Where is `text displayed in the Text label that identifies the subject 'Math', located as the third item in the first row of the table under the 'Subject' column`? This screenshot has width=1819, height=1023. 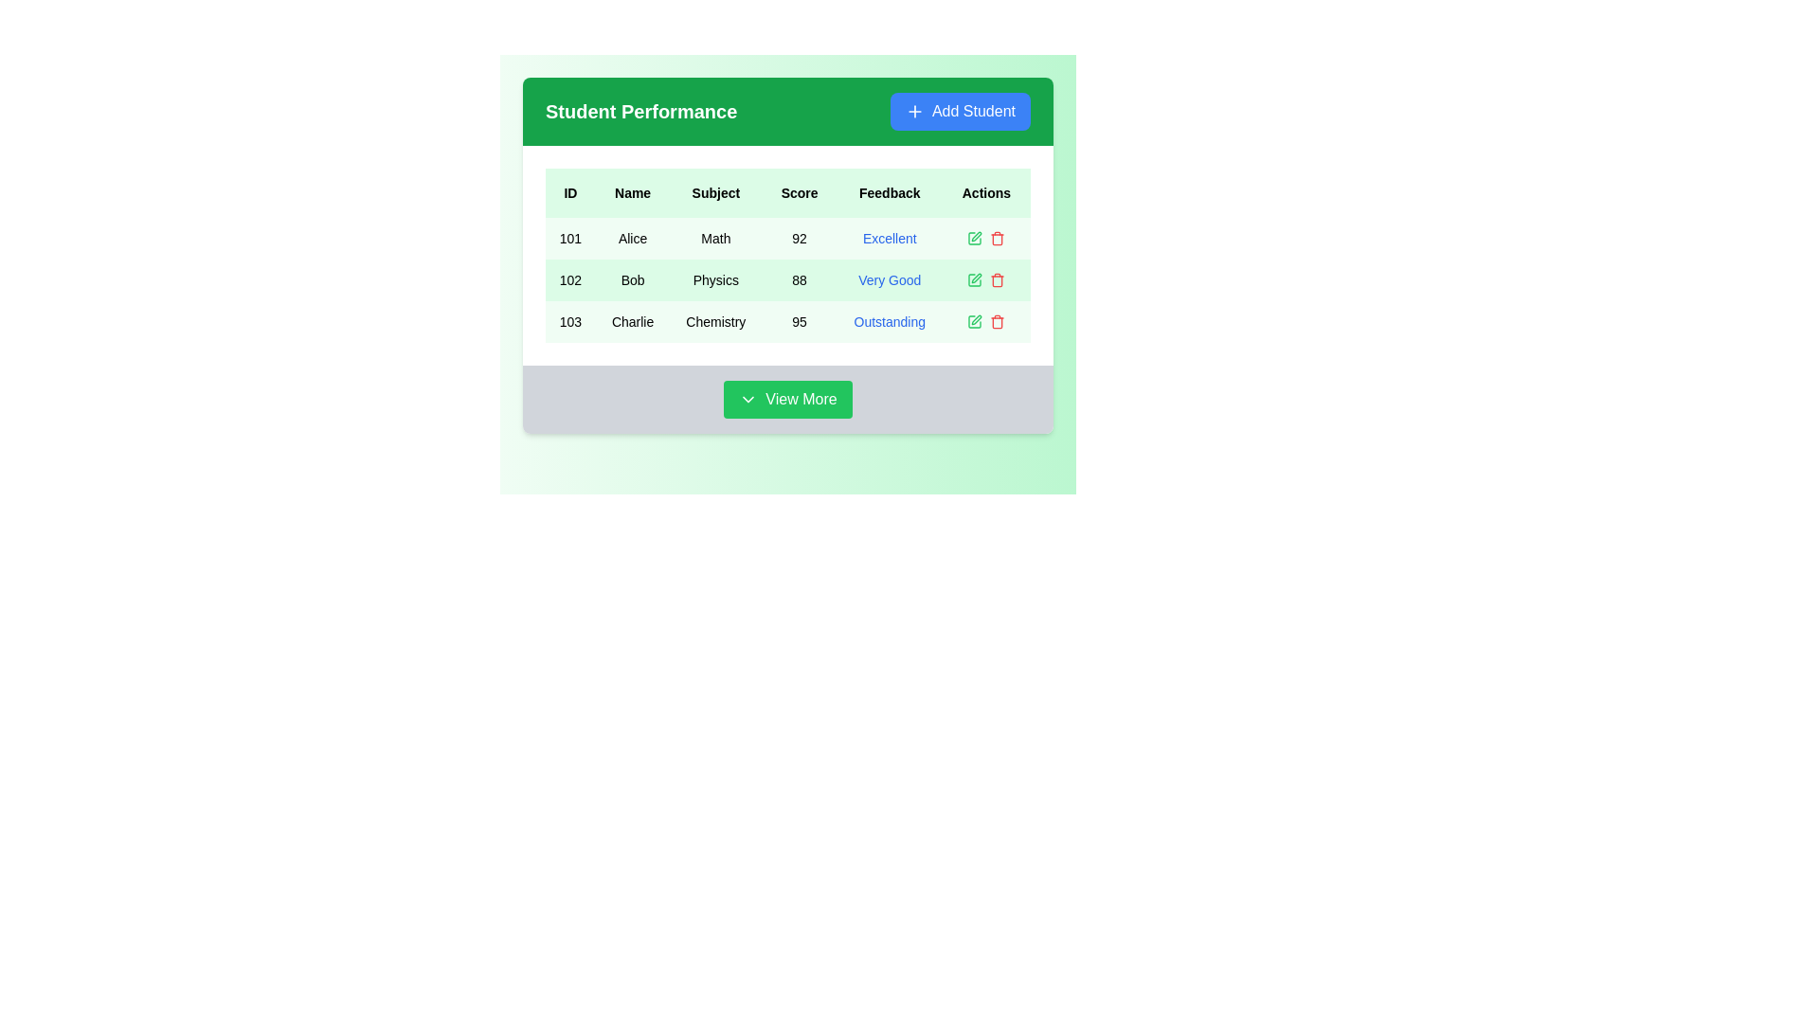 text displayed in the Text label that identifies the subject 'Math', located as the third item in the first row of the table under the 'Subject' column is located at coordinates (714, 237).